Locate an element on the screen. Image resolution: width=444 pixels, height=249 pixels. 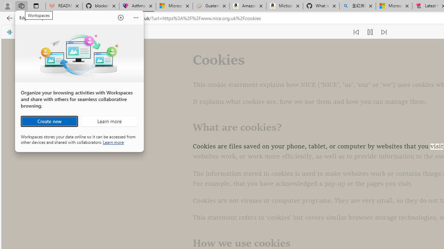
'Read previous paragraph' is located at coordinates (356, 32).